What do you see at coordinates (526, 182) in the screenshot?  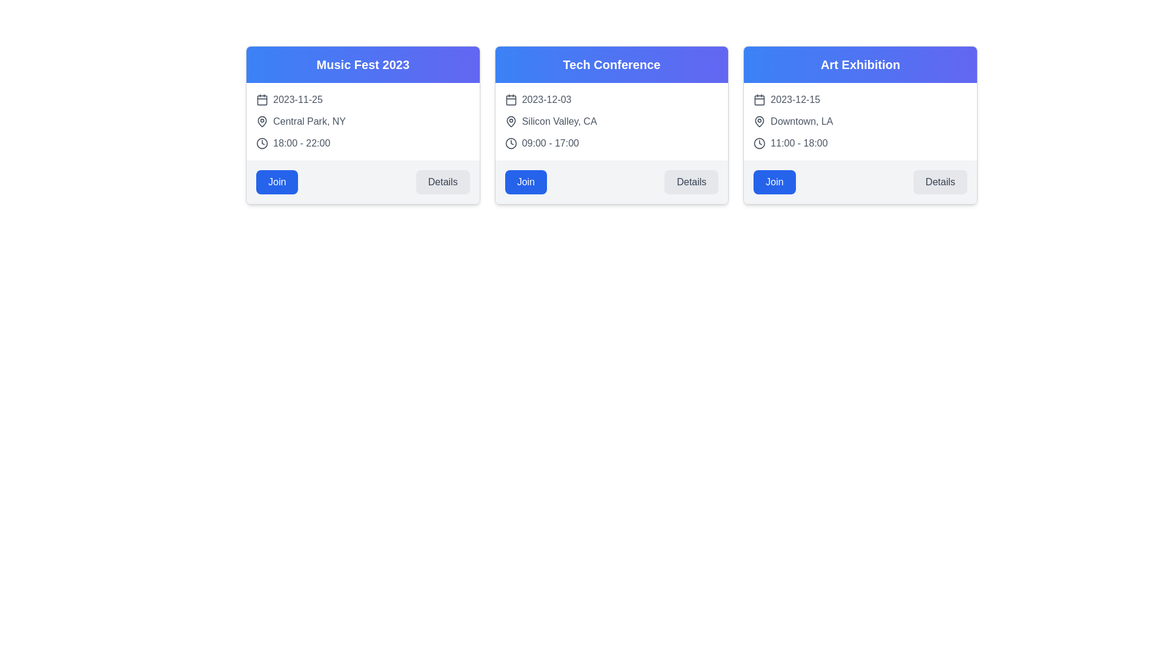 I see `the blue rectangular button labeled 'Join'` at bounding box center [526, 182].